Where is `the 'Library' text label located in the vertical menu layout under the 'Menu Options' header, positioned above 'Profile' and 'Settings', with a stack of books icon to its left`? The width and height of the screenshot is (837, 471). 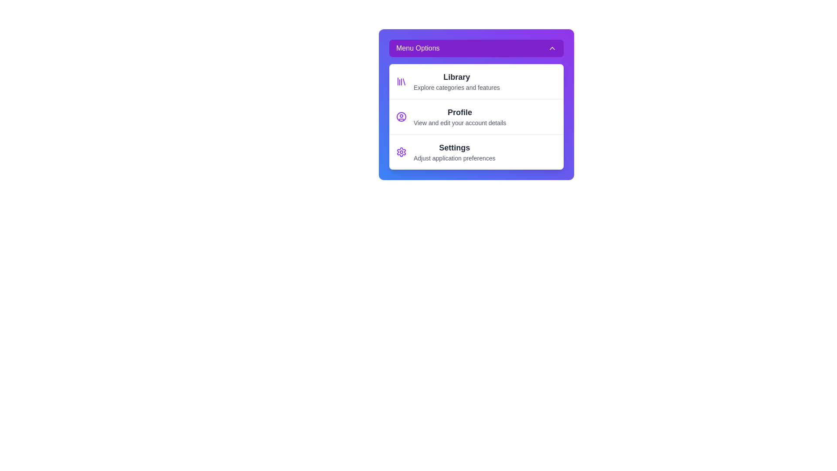 the 'Library' text label located in the vertical menu layout under the 'Menu Options' header, positioned above 'Profile' and 'Settings', with a stack of books icon to its left is located at coordinates (456, 81).